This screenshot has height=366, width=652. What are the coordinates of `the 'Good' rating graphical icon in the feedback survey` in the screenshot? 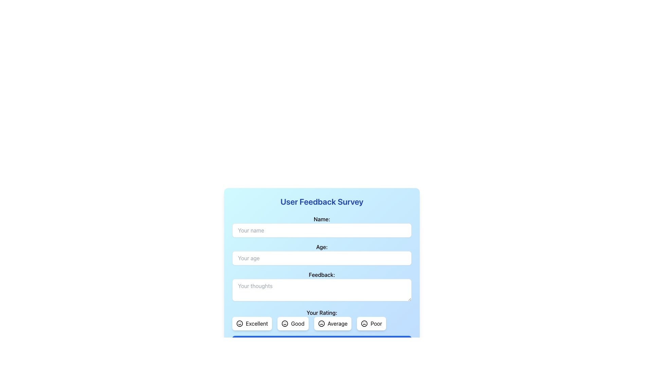 It's located at (285, 323).